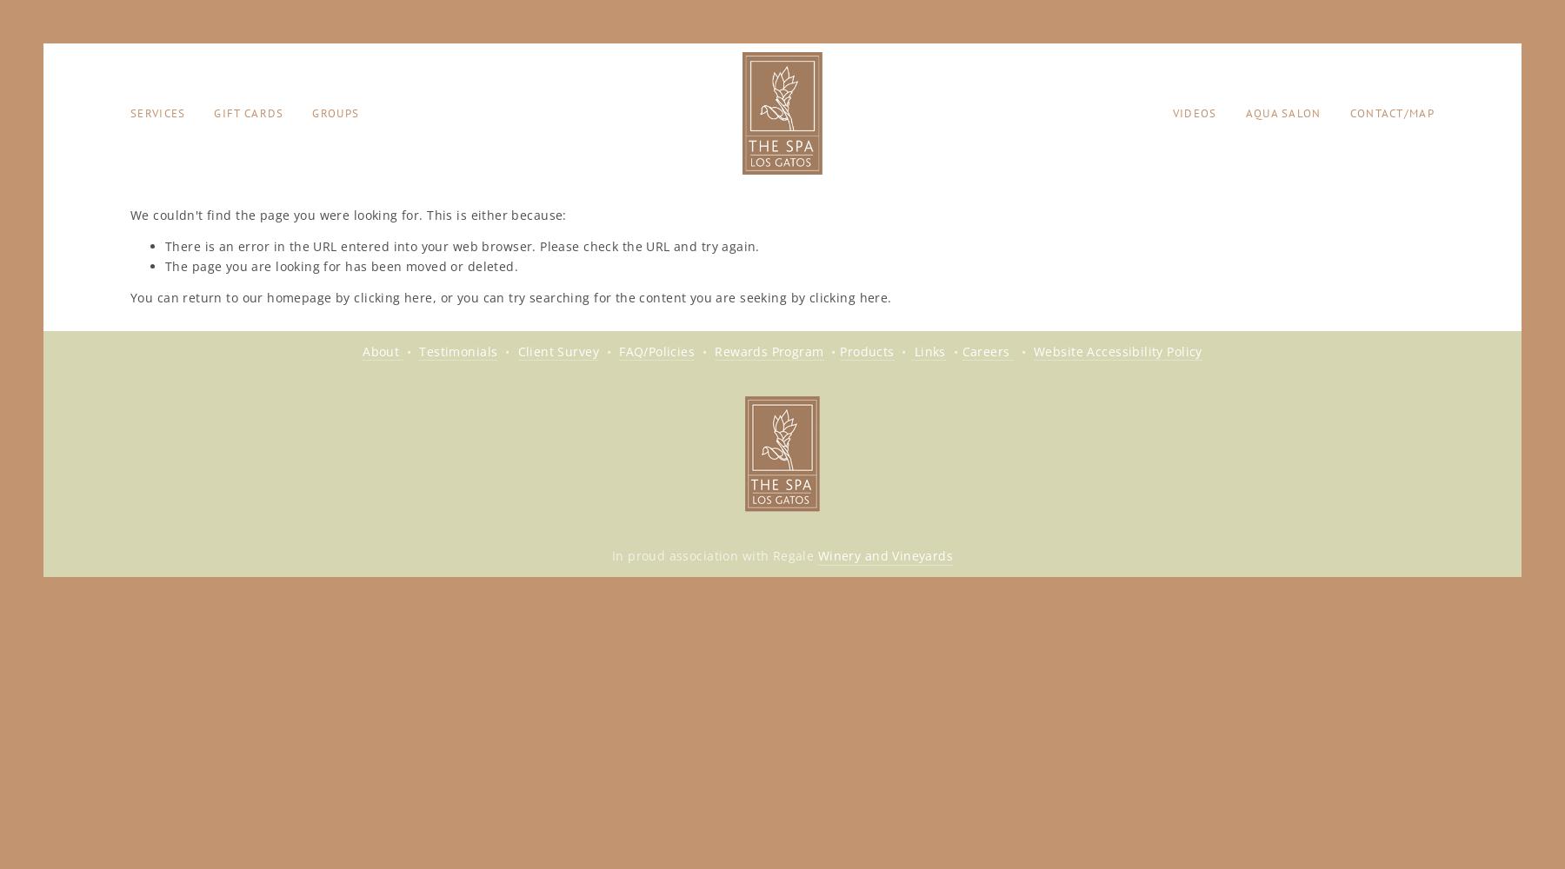  I want to click on 'There is an error in the URL entered into your web browser. Please check the URL and try again.', so click(461, 246).